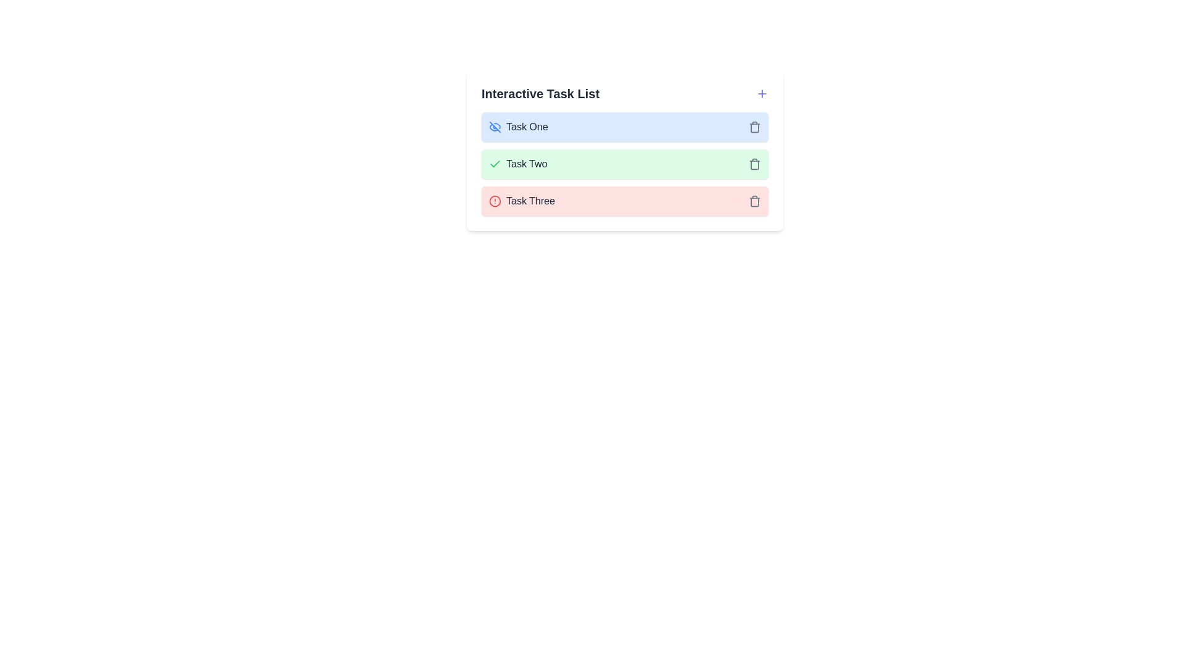 The image size is (1187, 667). What do you see at coordinates (754, 201) in the screenshot?
I see `the trash icon located to the right of the 'Task Three' item in the interactive task list` at bounding box center [754, 201].